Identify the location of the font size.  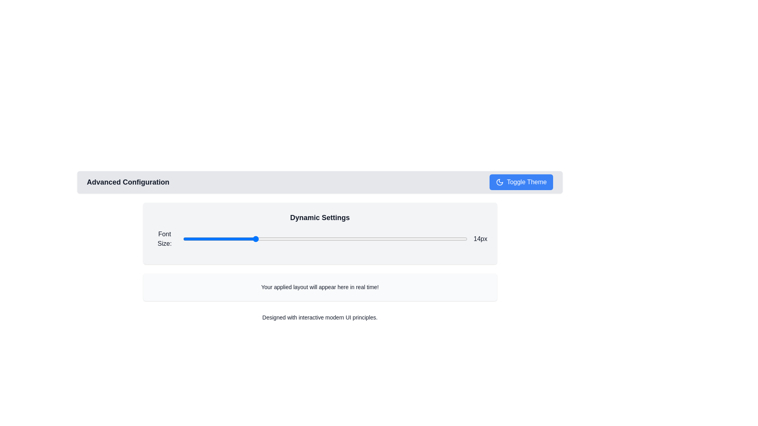
(396, 238).